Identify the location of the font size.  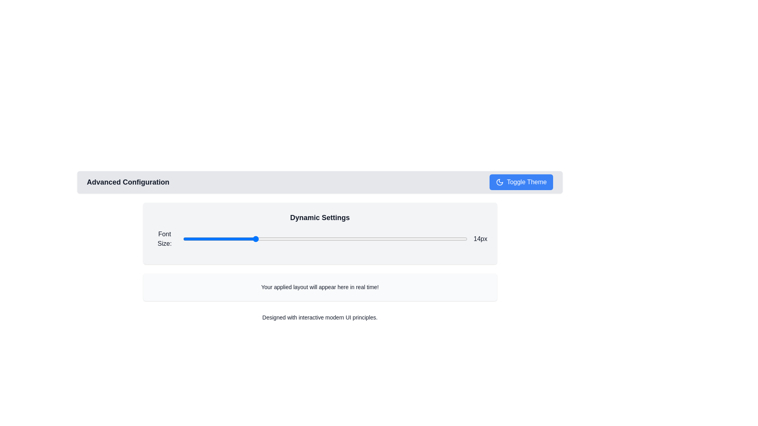
(396, 238).